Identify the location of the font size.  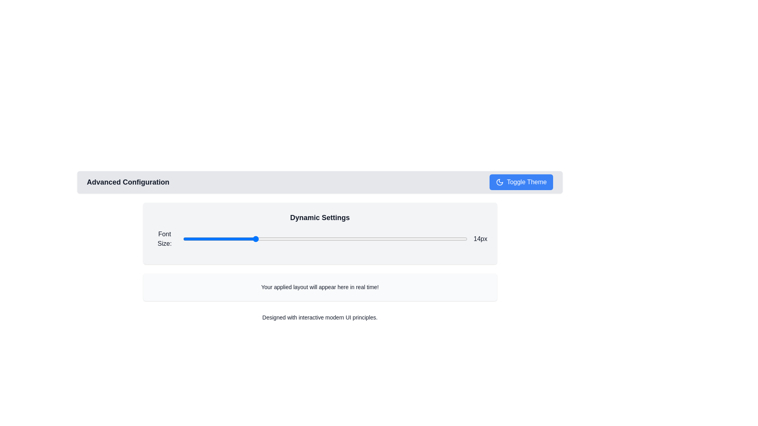
(396, 238).